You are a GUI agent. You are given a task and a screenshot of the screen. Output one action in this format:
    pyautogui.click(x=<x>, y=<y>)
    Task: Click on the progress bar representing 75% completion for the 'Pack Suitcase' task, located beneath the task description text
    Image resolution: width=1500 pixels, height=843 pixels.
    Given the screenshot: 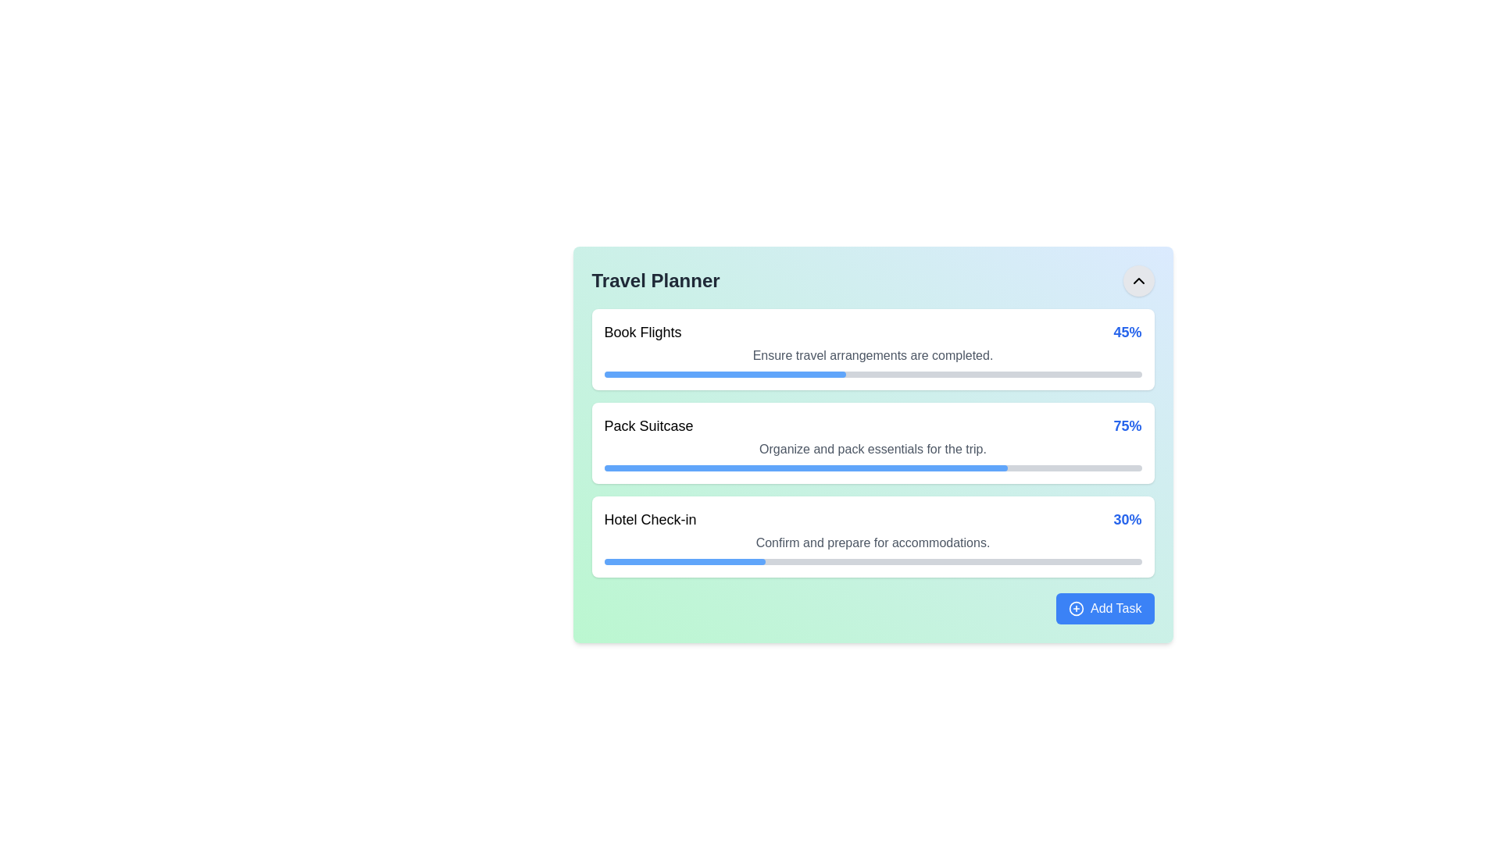 What is the action you would take?
    pyautogui.click(x=872, y=468)
    